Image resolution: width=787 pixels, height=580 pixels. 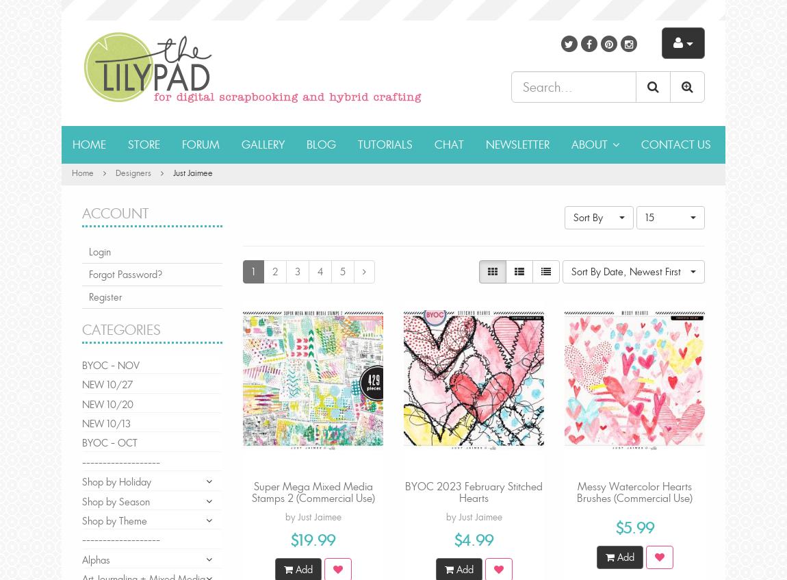 What do you see at coordinates (626, 270) in the screenshot?
I see `'Sort By Date, Newest First'` at bounding box center [626, 270].